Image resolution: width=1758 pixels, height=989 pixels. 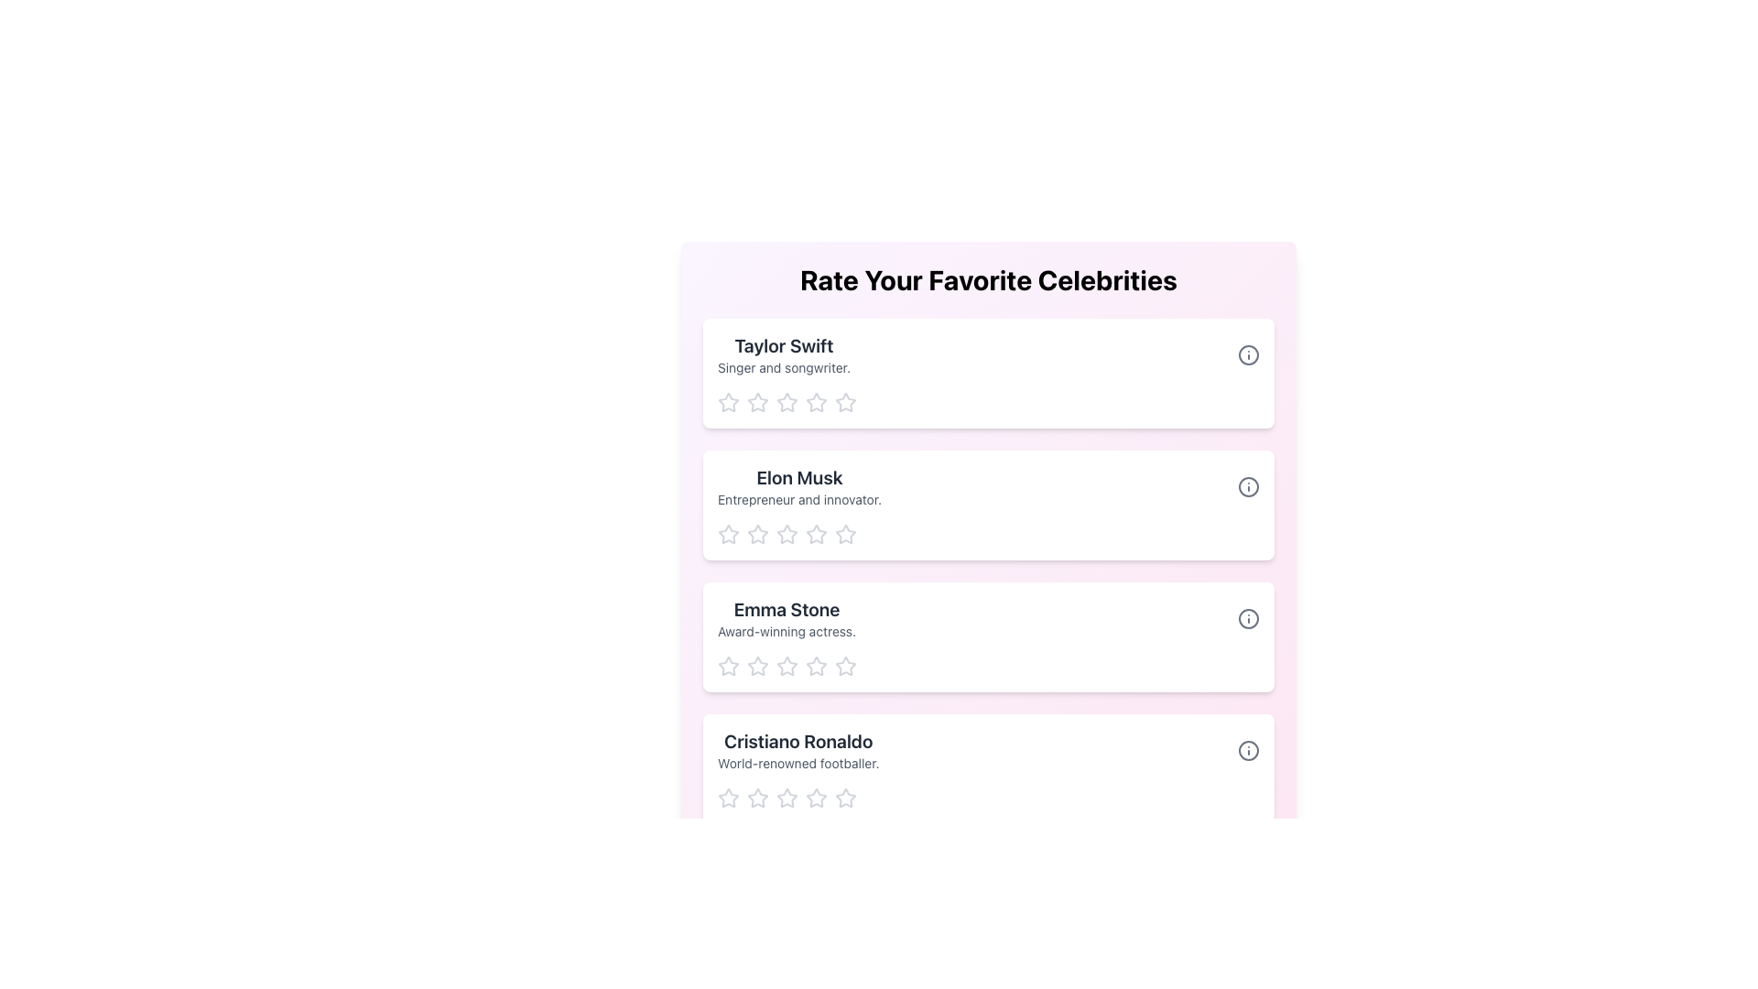 What do you see at coordinates (787, 610) in the screenshot?
I see `the Text Label indicating the name of the celebrity 'Emma Stone', which is positioned above the description text in the third list item of the vertical stack` at bounding box center [787, 610].